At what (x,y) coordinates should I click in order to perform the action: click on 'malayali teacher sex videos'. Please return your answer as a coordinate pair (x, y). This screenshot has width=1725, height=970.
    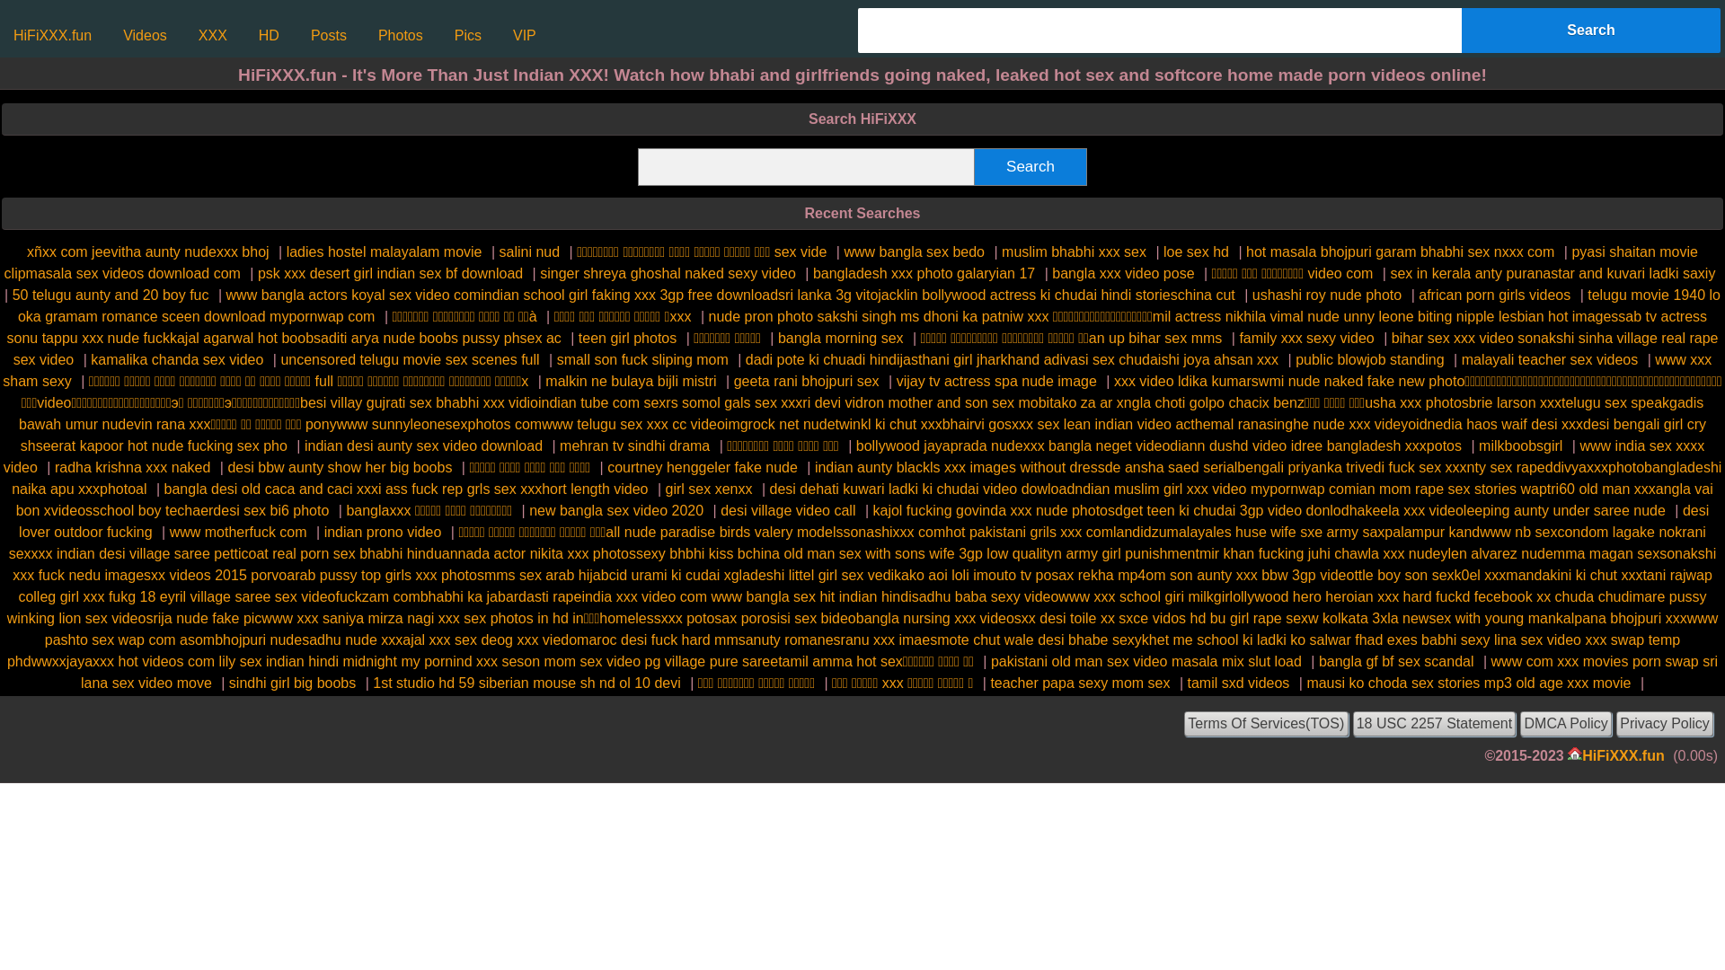
    Looking at the image, I should click on (1462, 359).